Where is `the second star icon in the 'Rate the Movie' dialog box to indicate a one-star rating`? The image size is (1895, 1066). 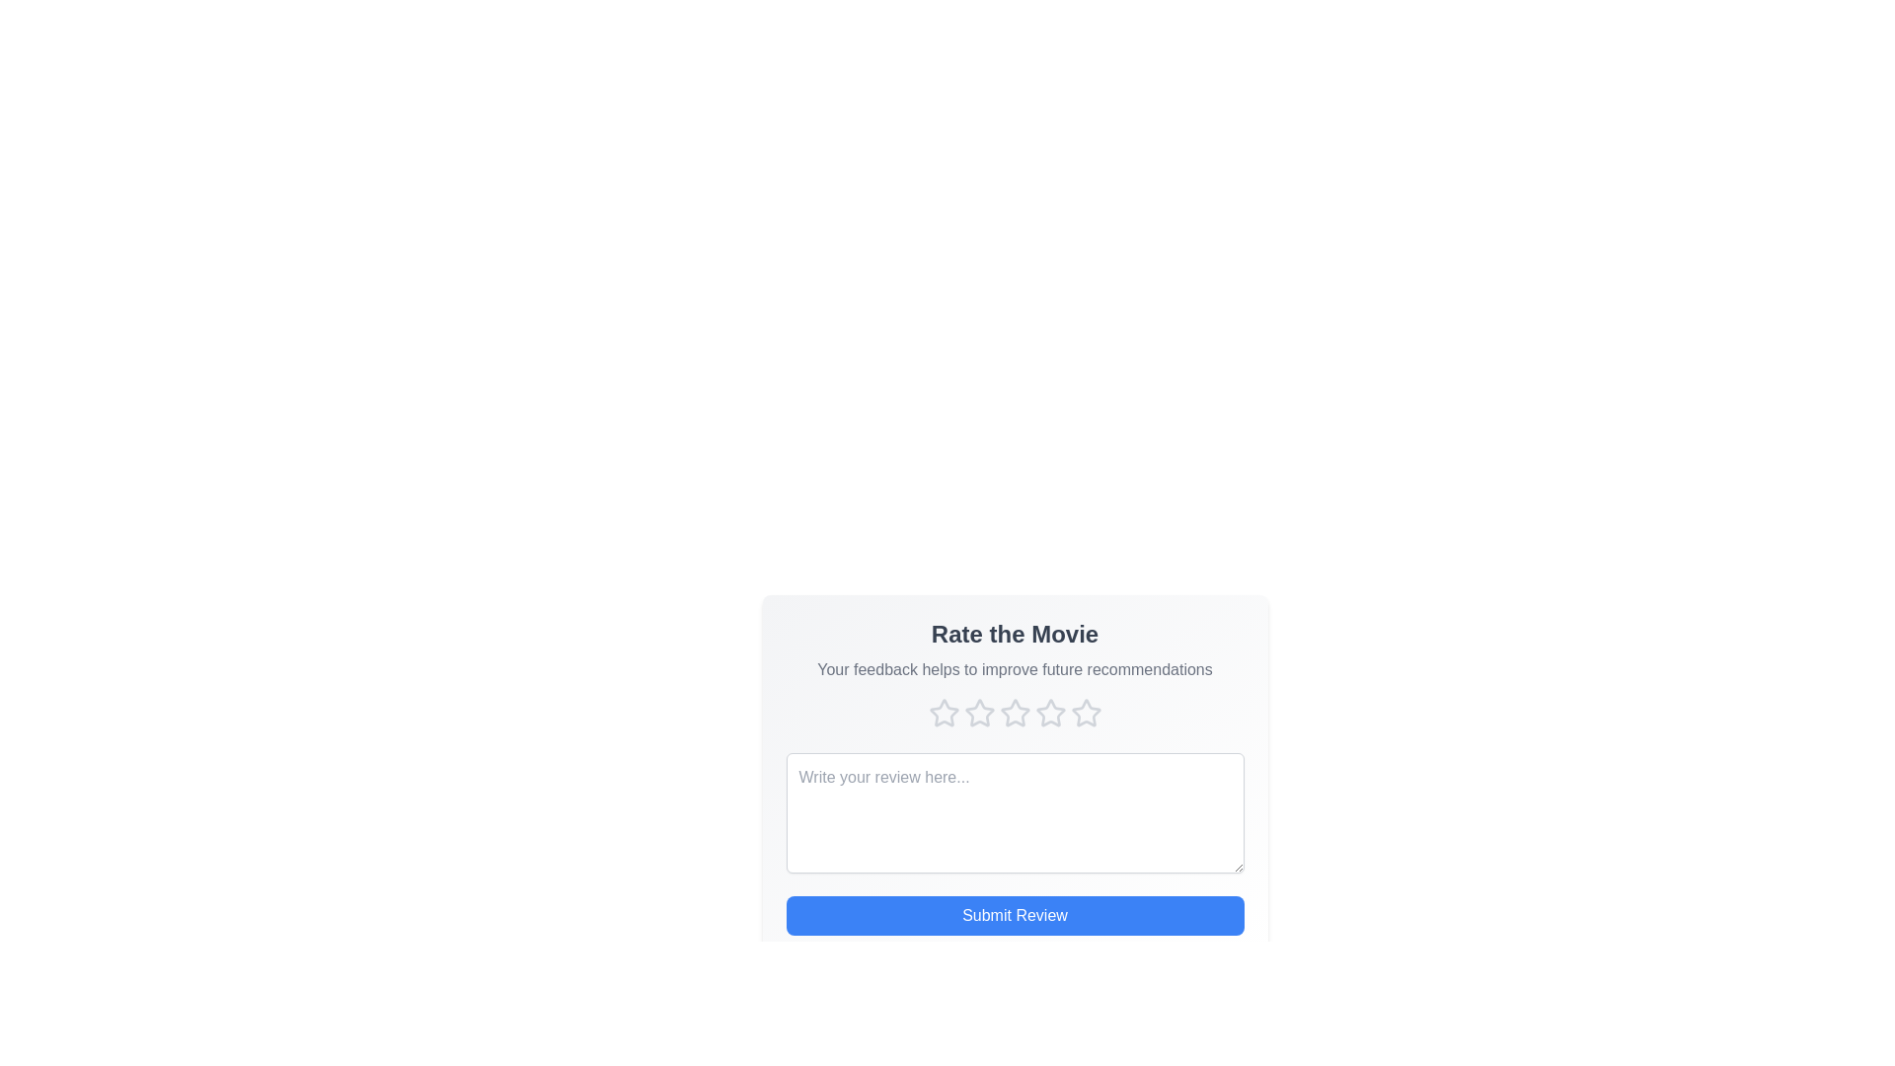 the second star icon in the 'Rate the Movie' dialog box to indicate a one-star rating is located at coordinates (979, 713).